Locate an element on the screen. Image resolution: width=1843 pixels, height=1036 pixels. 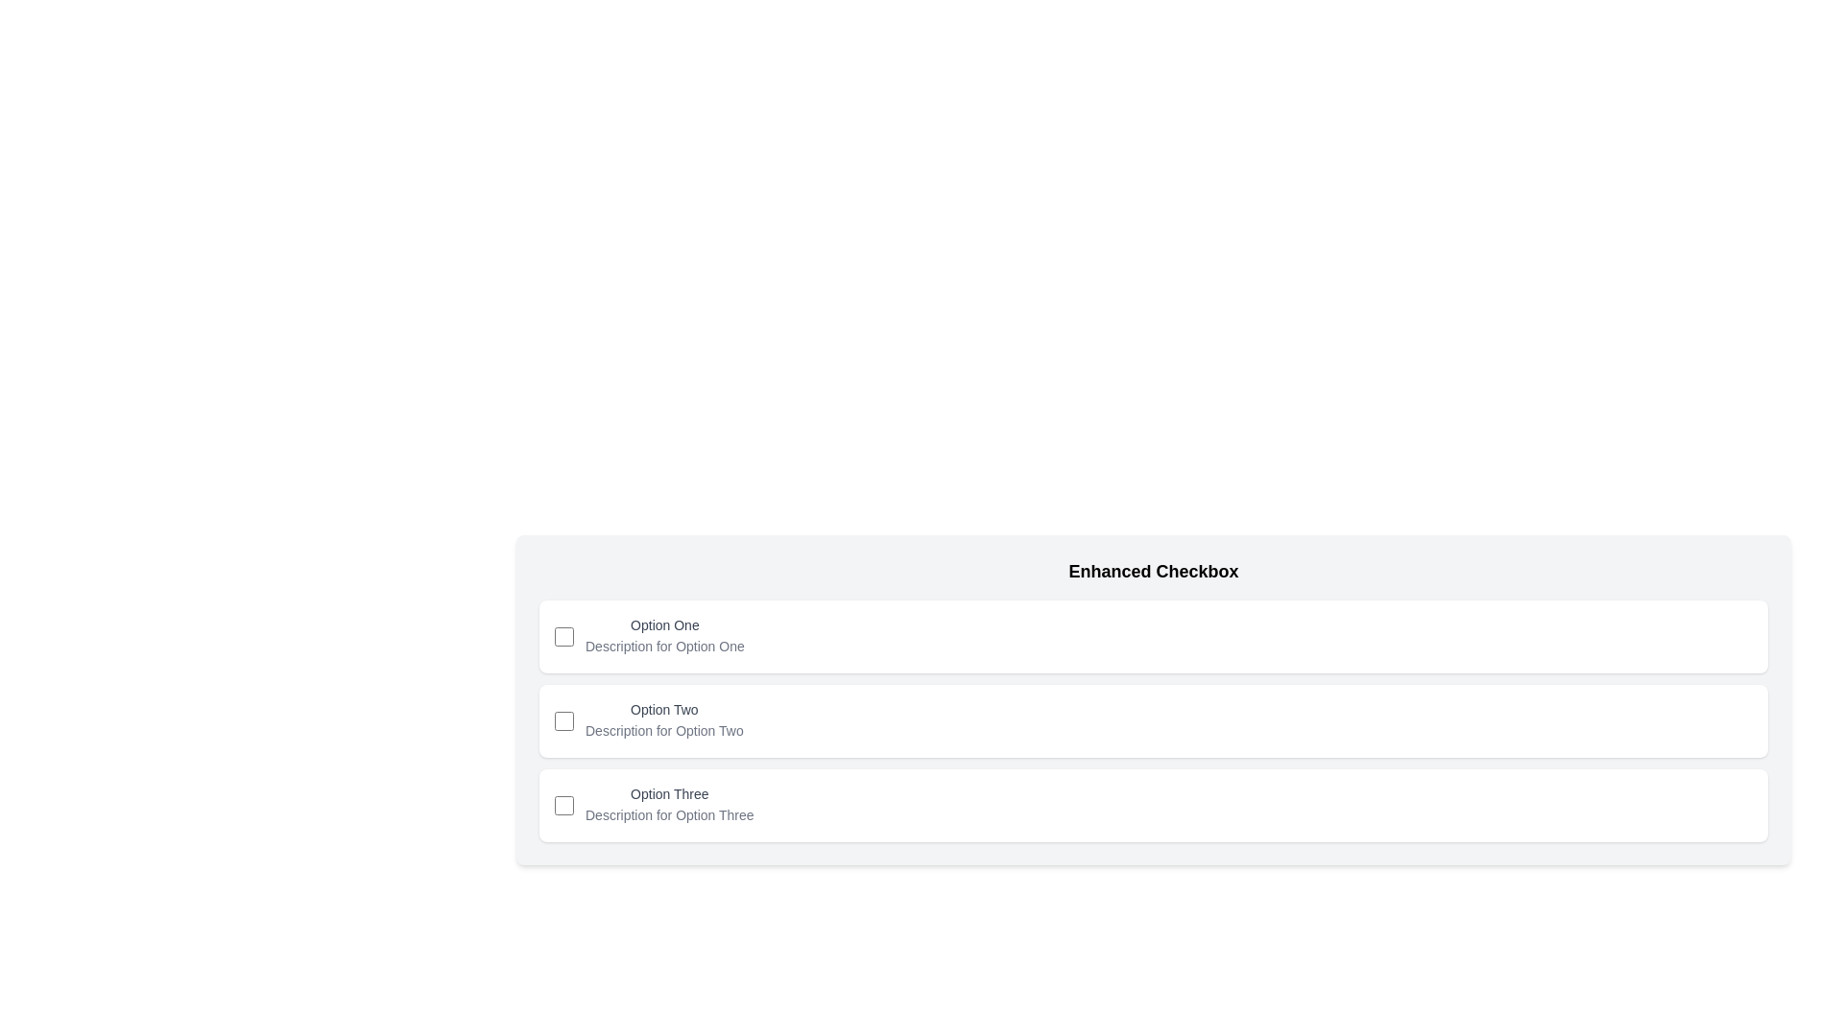
the Text header that serves as a title for the group of checkbox options preceding 'Option One', 'Option Two', and 'Option Three' is located at coordinates (1152, 571).